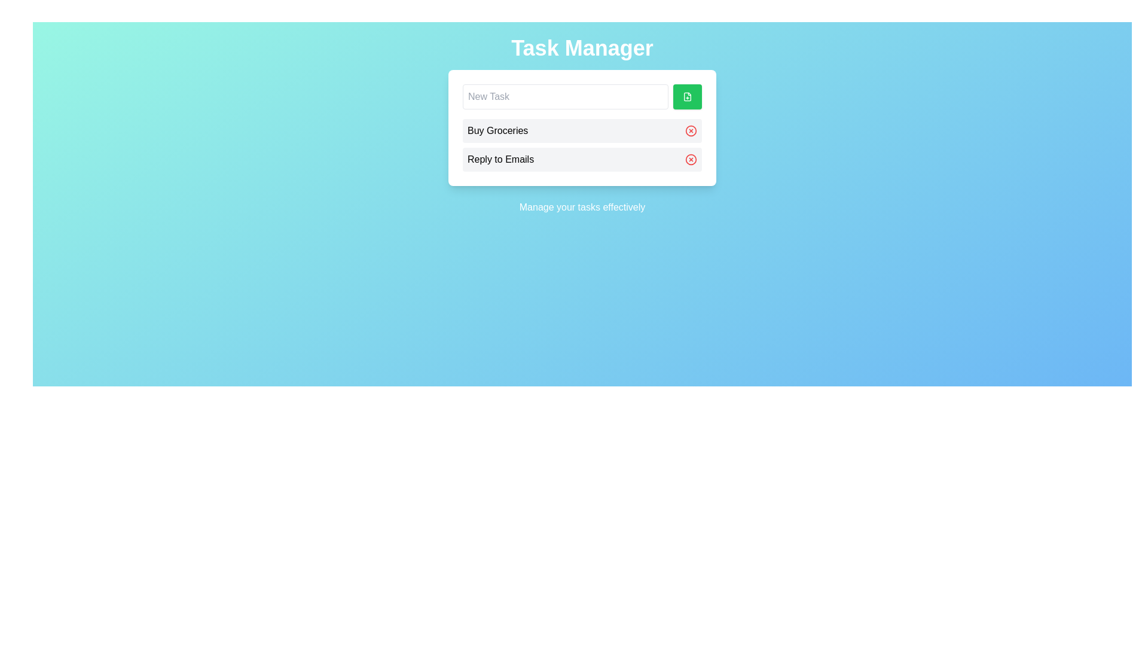  What do you see at coordinates (688, 96) in the screenshot?
I see `the button located in the upper-right corner of the interface, which is intended for initiating a new action` at bounding box center [688, 96].